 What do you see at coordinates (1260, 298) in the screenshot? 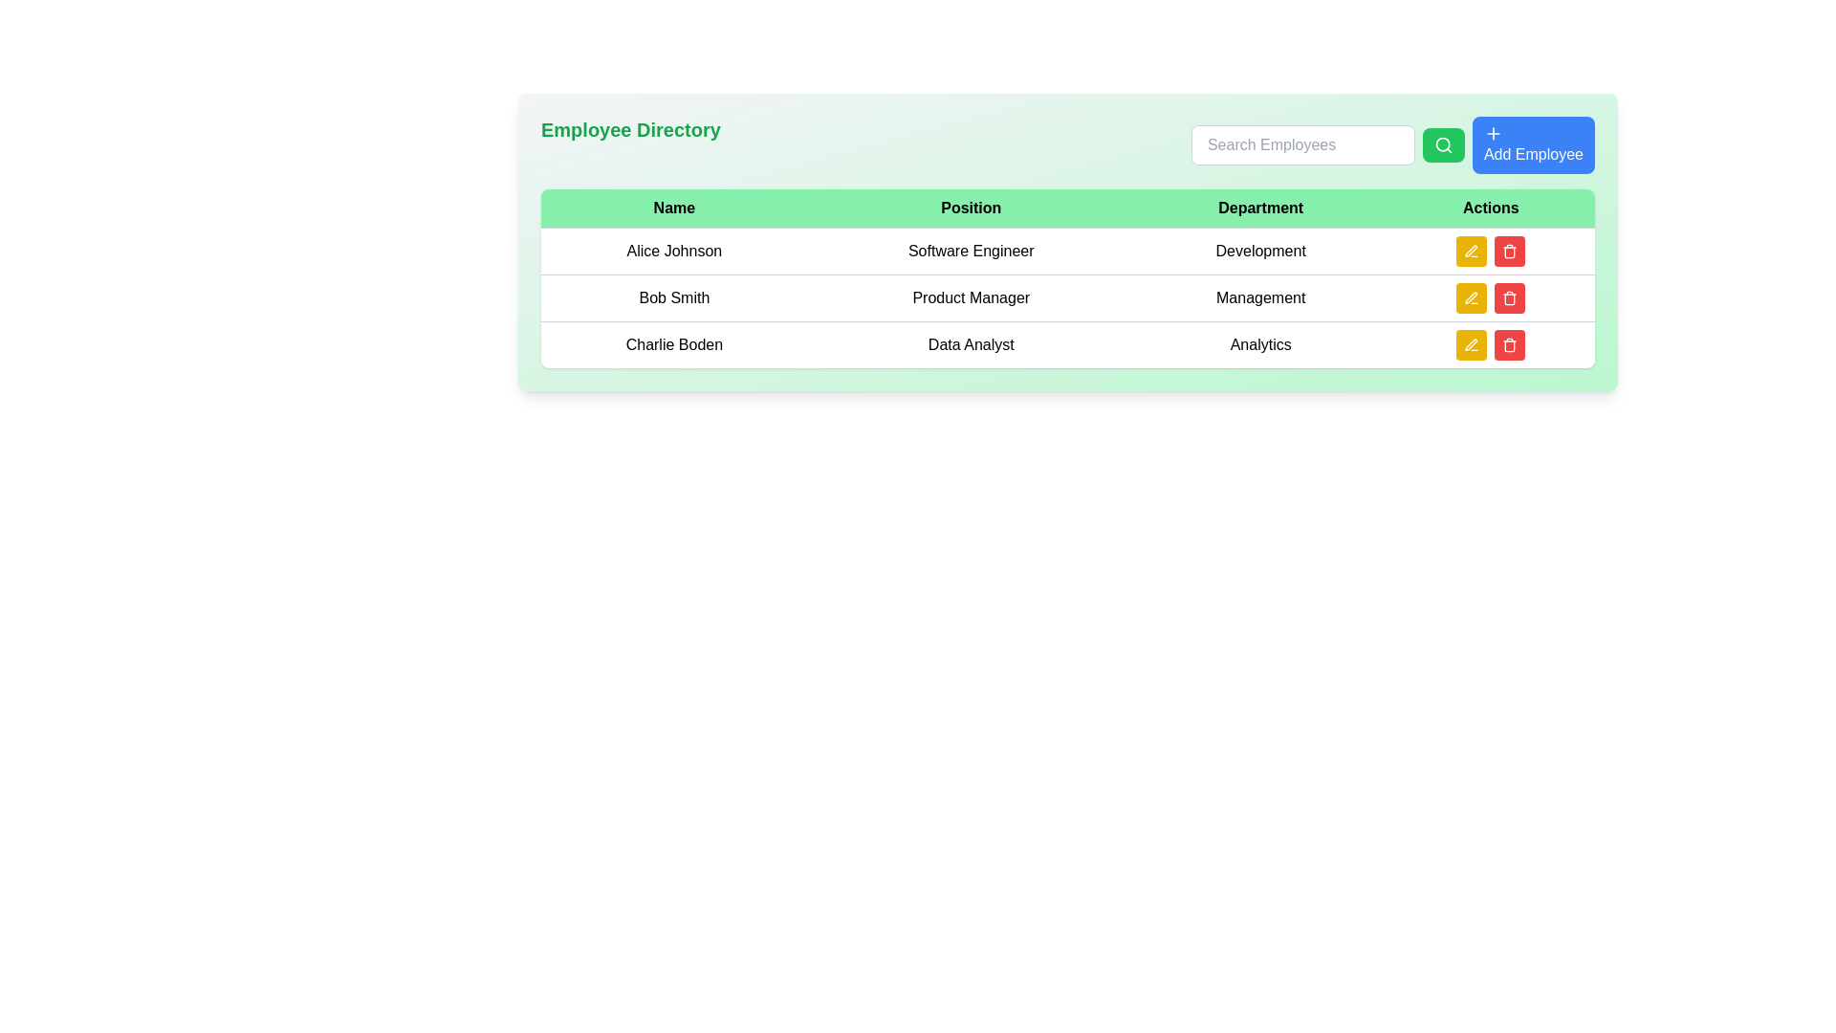
I see `the text label displaying 'Management' located in the 'Department' column under the row for 'Bob Smith' in the table` at bounding box center [1260, 298].